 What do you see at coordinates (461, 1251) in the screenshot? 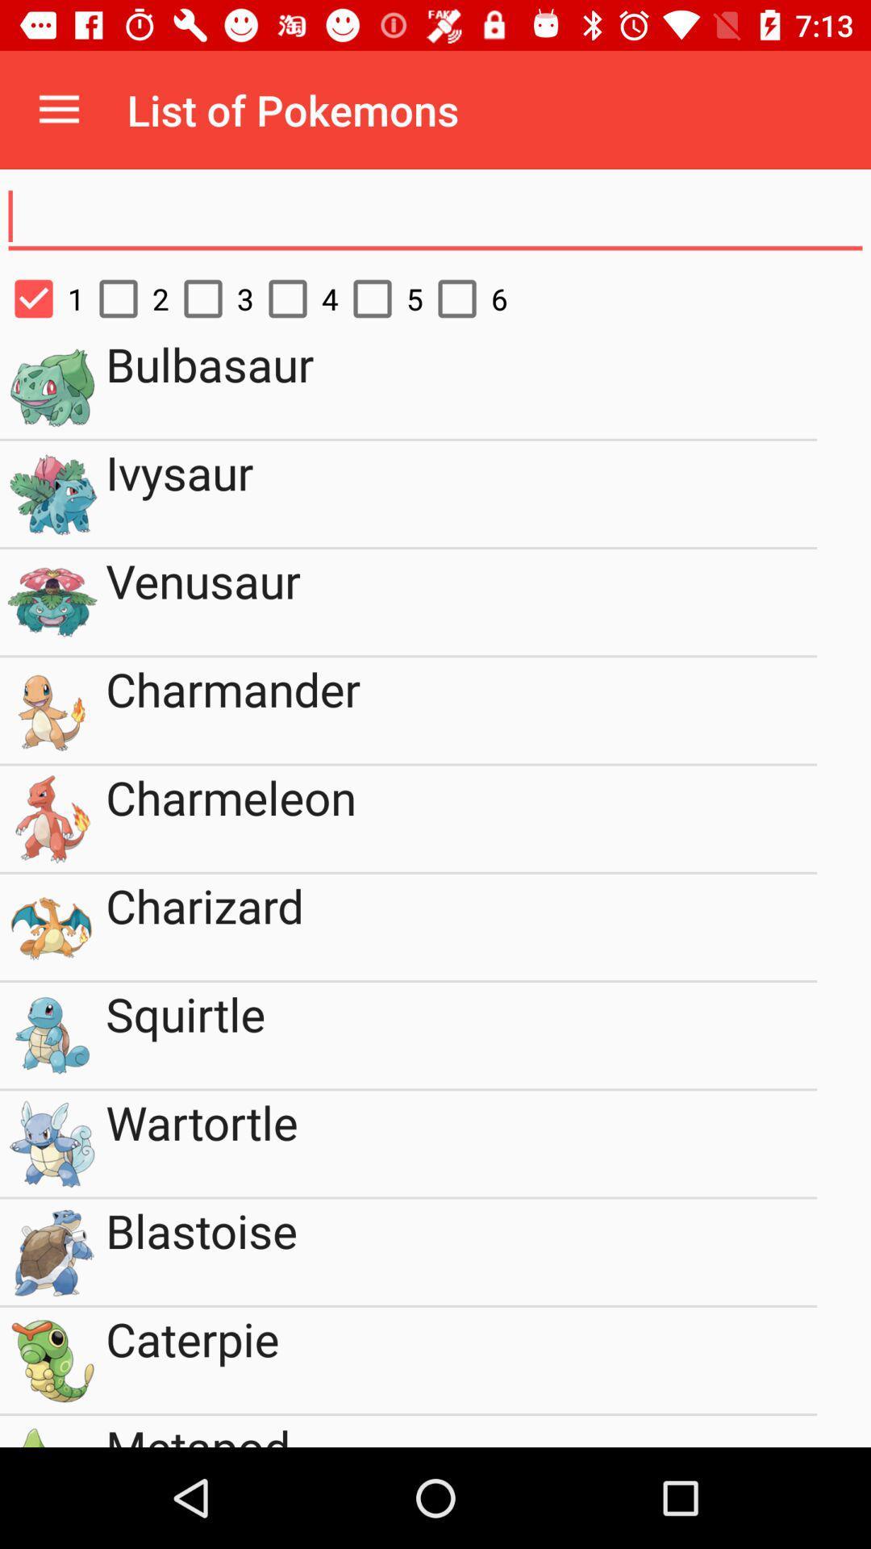
I see `the blastoise` at bounding box center [461, 1251].